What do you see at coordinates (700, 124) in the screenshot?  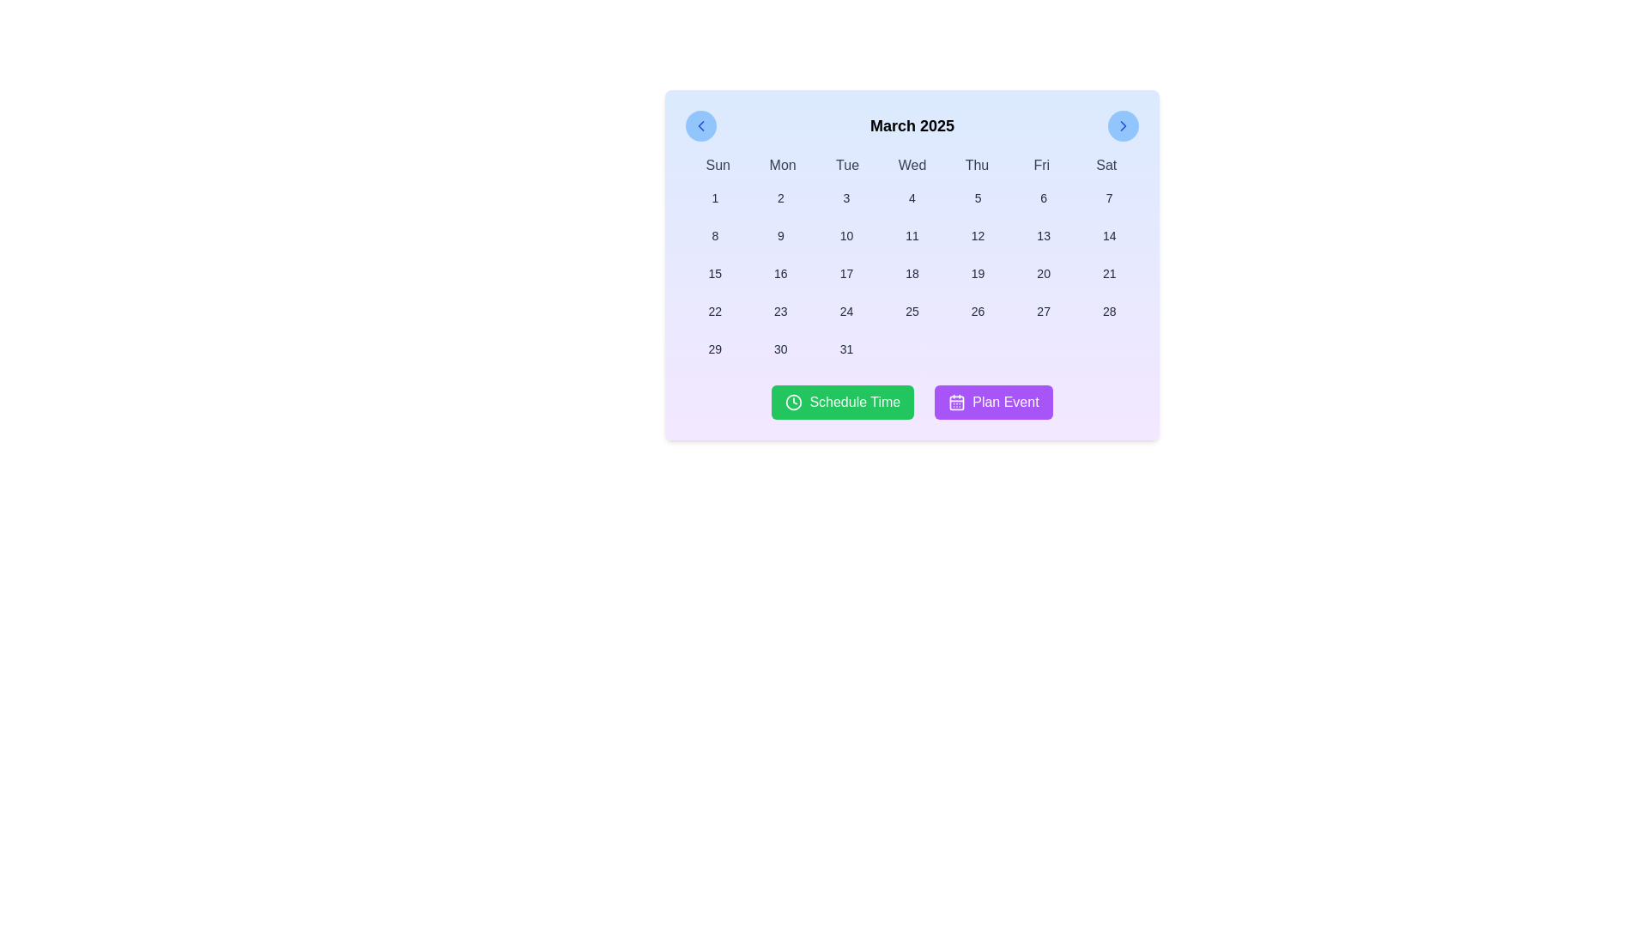 I see `the leftmost button in the calendar navigation to go back to the previous month` at bounding box center [700, 124].